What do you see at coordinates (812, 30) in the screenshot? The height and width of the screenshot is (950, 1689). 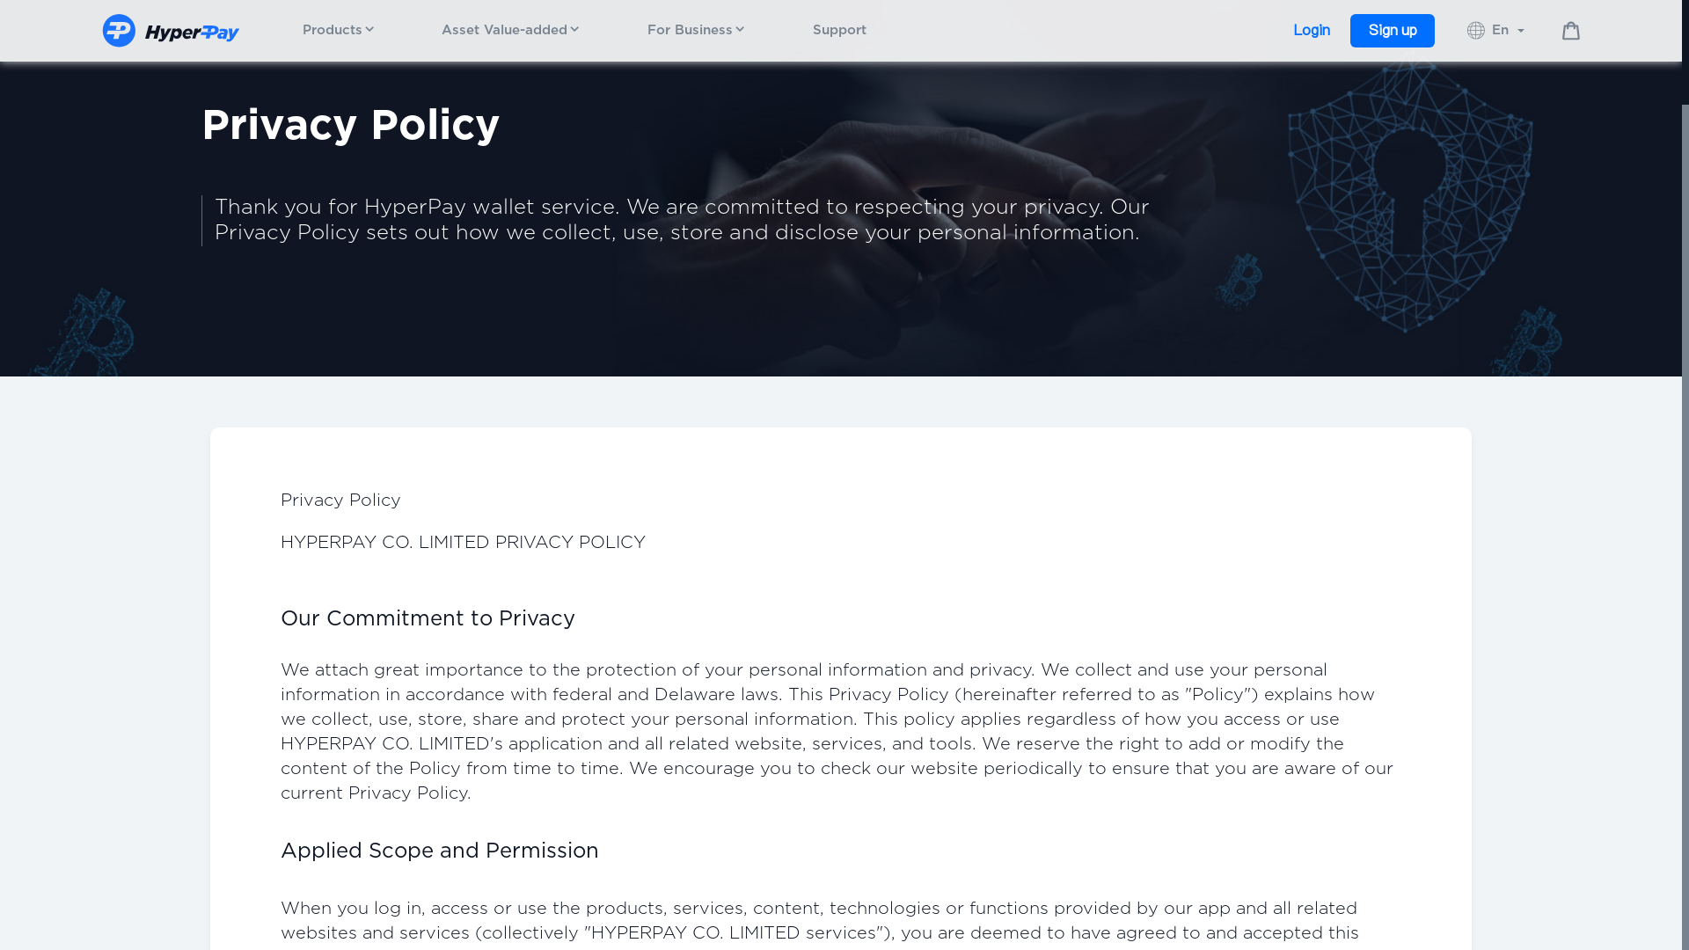 I see `'Support'` at bounding box center [812, 30].